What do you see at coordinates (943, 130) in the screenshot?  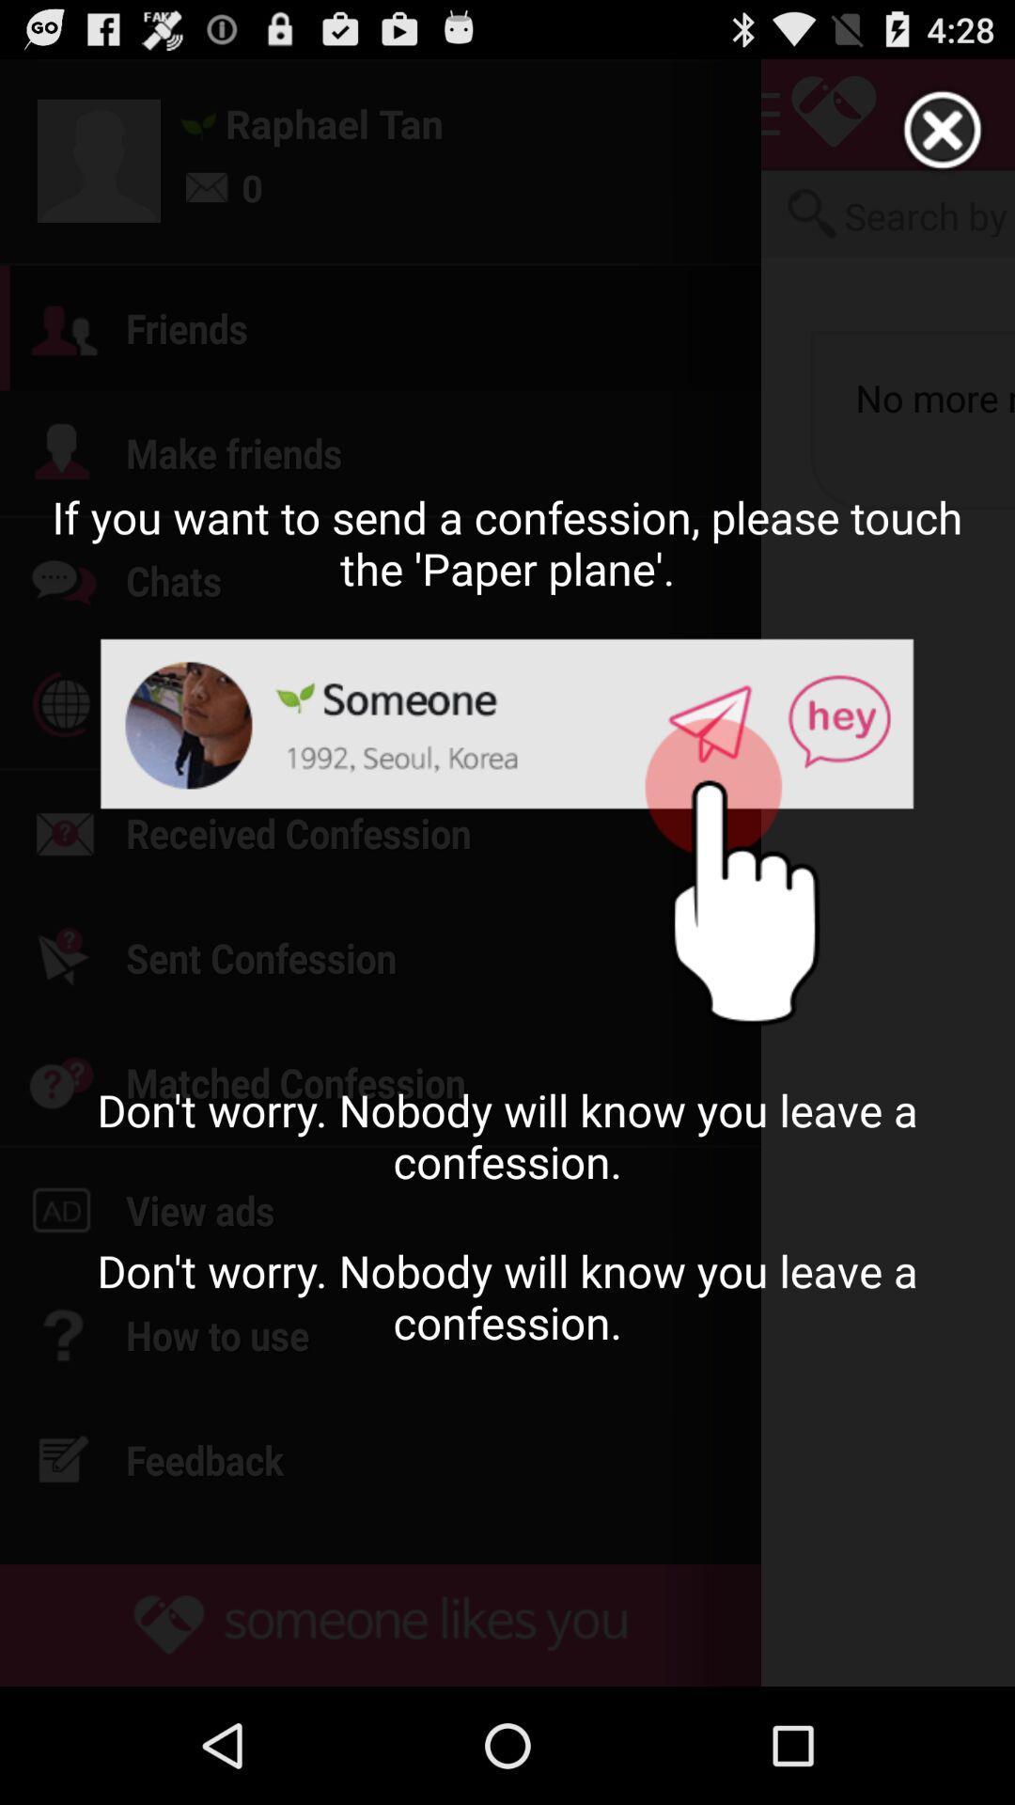 I see `content` at bounding box center [943, 130].